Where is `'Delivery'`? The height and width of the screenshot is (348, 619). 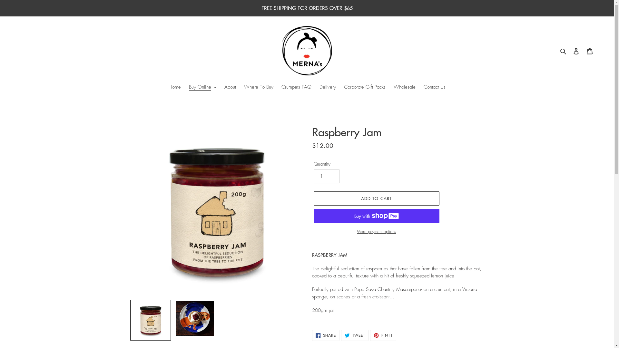
'Delivery' is located at coordinates (328, 88).